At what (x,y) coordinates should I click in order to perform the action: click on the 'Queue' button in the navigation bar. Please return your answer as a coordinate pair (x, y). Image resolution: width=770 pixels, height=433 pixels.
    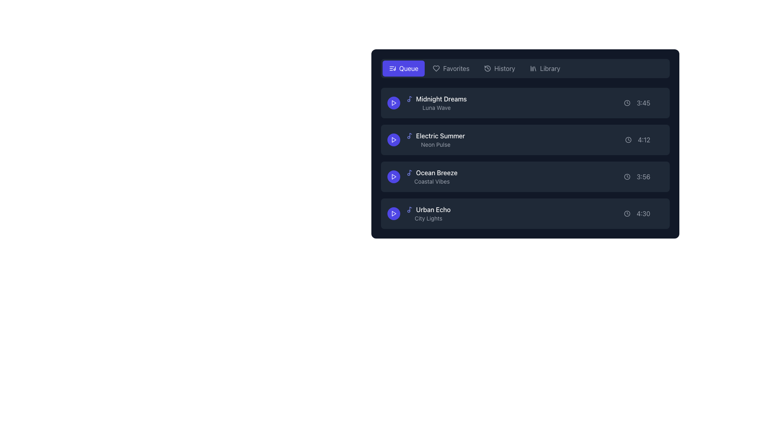
    Looking at the image, I should click on (525, 68).